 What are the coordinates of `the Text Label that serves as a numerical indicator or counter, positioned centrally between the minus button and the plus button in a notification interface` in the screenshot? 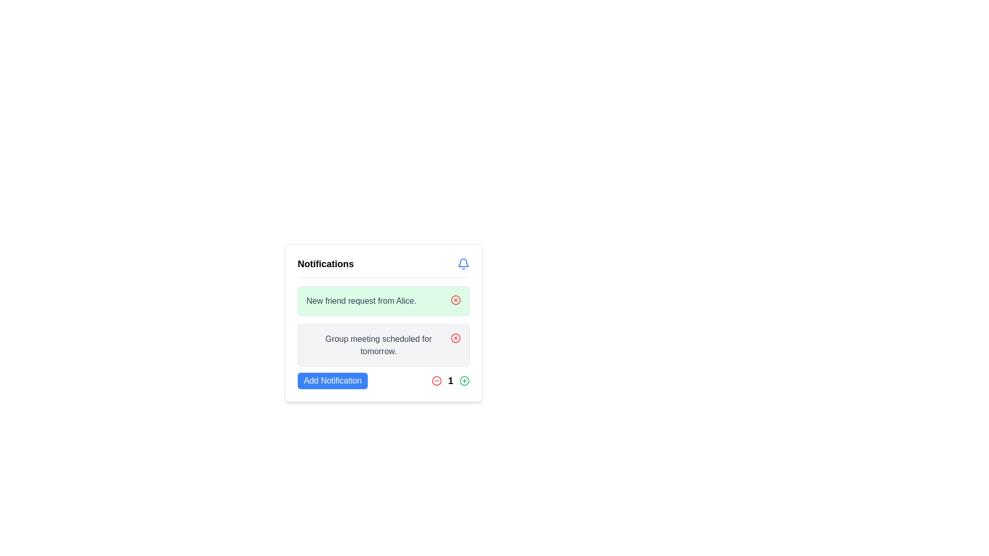 It's located at (450, 381).